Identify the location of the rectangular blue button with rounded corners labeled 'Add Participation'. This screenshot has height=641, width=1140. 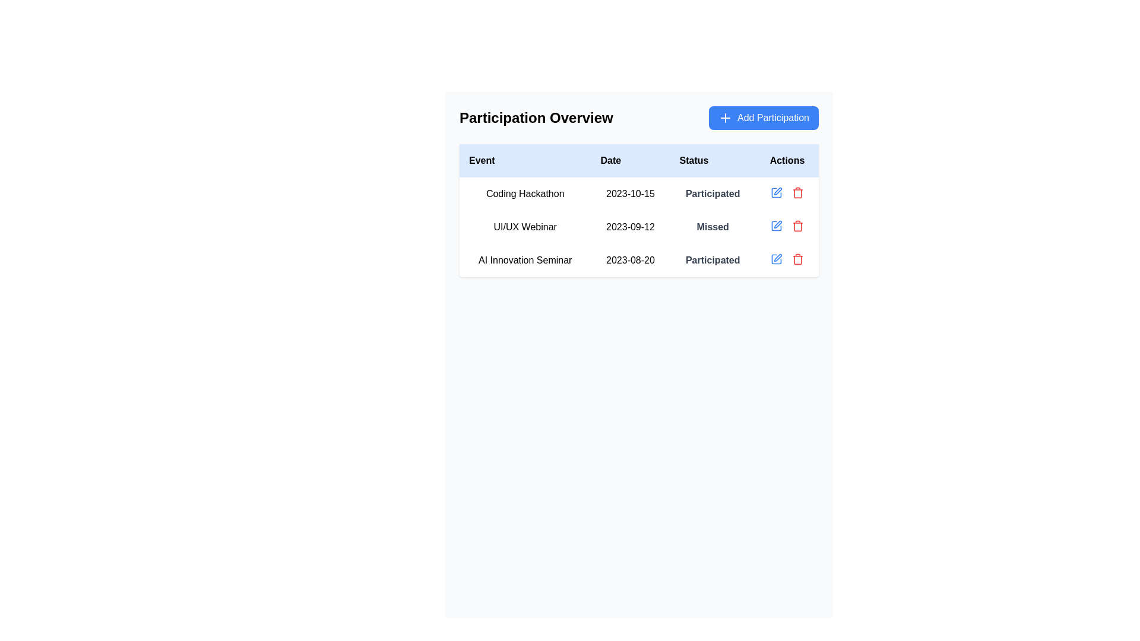
(764, 118).